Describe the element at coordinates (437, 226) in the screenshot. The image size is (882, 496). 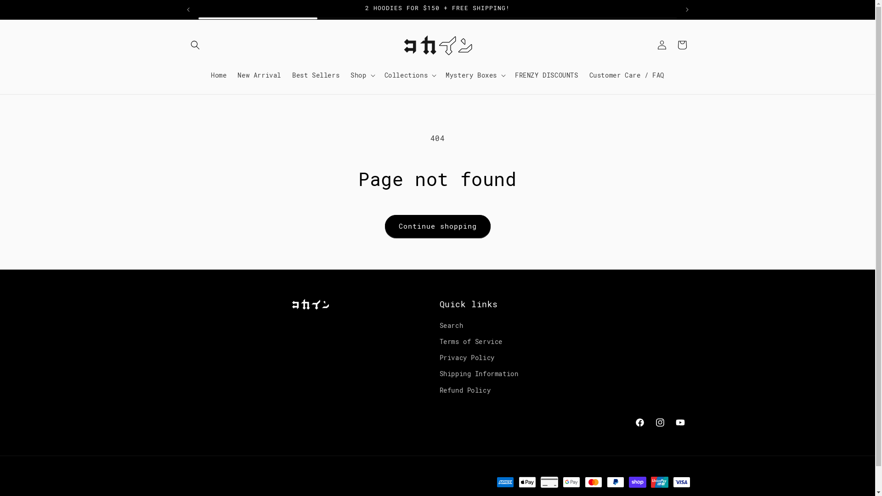
I see `'Continue shopping'` at that location.